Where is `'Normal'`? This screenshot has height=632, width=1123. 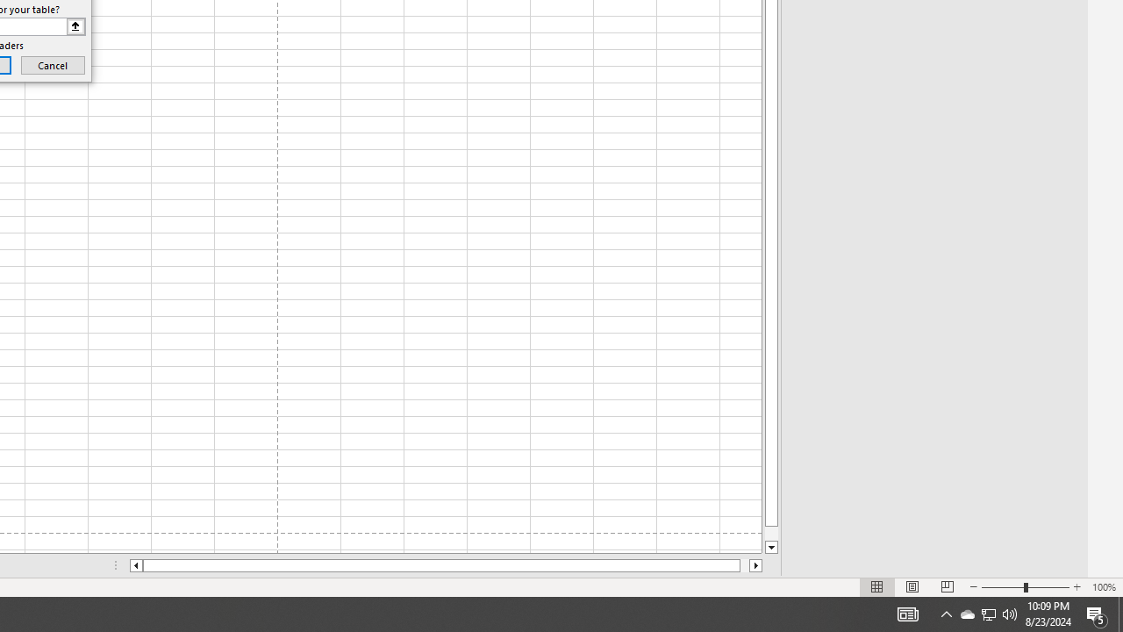 'Normal' is located at coordinates (877, 587).